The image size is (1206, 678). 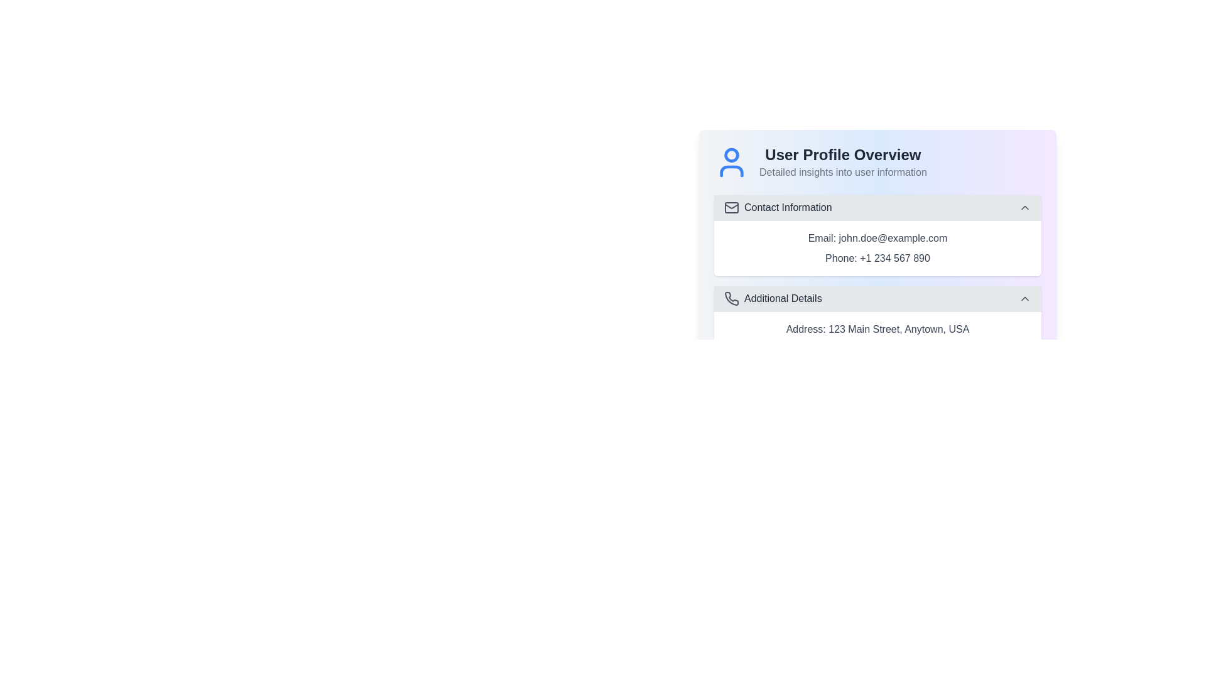 I want to click on the static text label that contains the text 'Detailed insights into user information', which is located directly beneath the header 'User Profile Overview', so click(x=843, y=172).